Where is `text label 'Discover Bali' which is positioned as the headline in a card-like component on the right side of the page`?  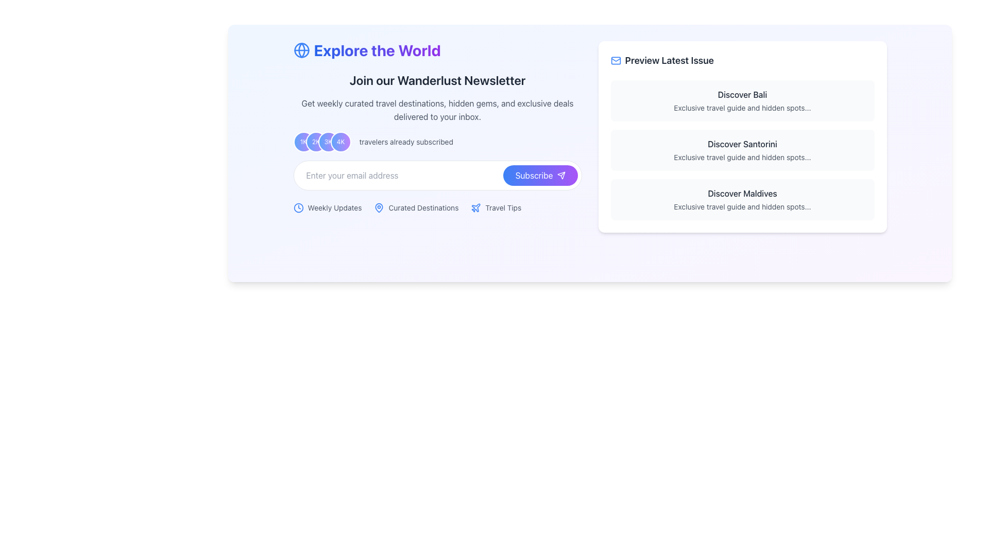 text label 'Discover Bali' which is positioned as the headline in a card-like component on the right side of the page is located at coordinates (742, 95).